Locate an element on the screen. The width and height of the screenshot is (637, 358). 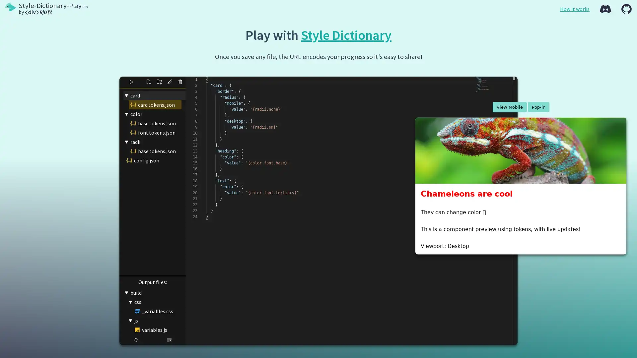
Pop-in is located at coordinates (538, 106).